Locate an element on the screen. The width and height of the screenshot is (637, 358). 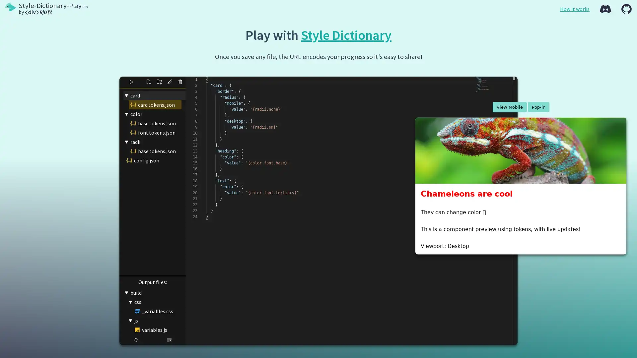
Pop-in is located at coordinates (538, 106).